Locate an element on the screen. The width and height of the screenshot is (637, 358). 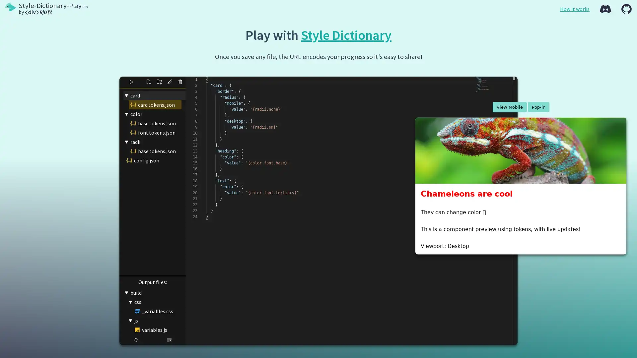
Pop-in is located at coordinates (538, 106).